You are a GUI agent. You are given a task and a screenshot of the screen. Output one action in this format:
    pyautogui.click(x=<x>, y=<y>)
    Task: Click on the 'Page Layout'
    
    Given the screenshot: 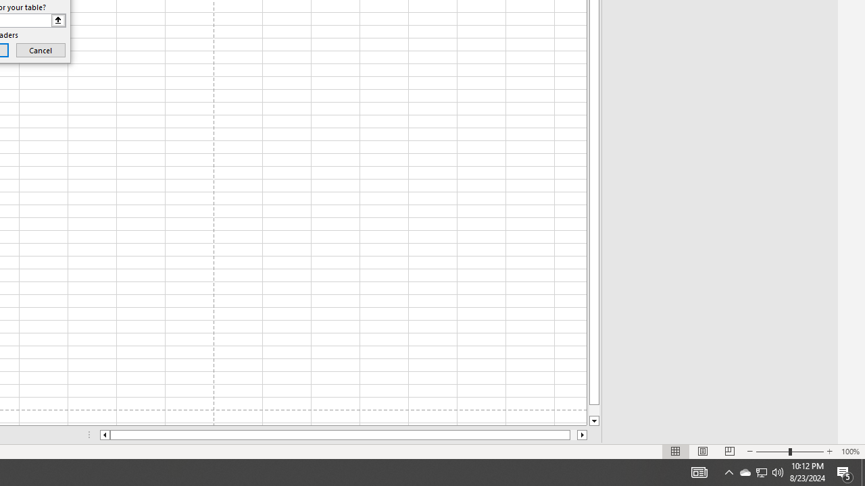 What is the action you would take?
    pyautogui.click(x=703, y=452)
    